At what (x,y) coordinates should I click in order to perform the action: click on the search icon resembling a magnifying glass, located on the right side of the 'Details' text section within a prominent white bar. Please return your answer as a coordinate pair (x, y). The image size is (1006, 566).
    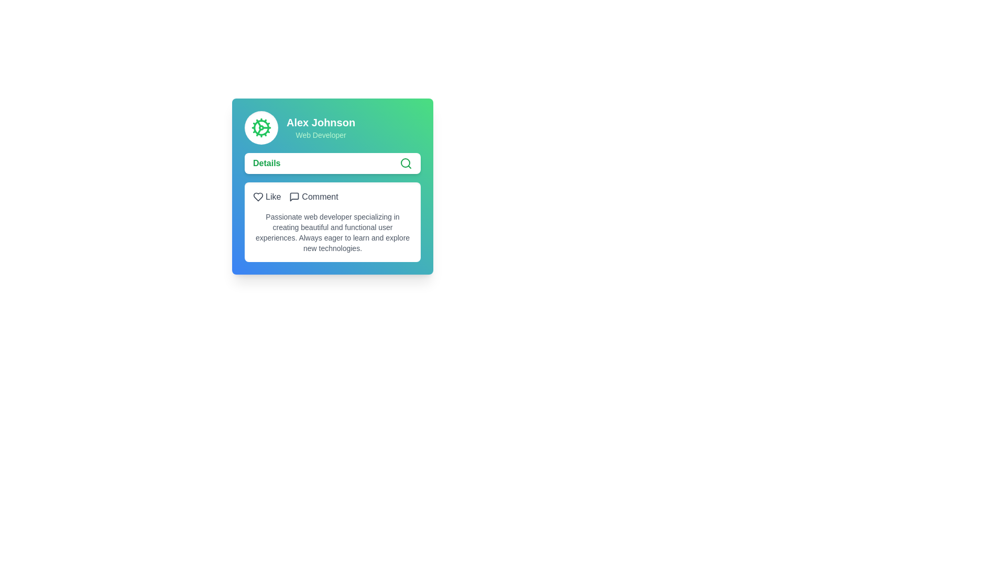
    Looking at the image, I should click on (405, 164).